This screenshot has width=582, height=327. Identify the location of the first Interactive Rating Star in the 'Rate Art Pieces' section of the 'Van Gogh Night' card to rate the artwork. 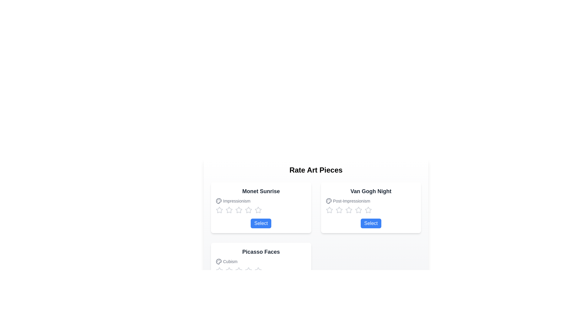
(329, 210).